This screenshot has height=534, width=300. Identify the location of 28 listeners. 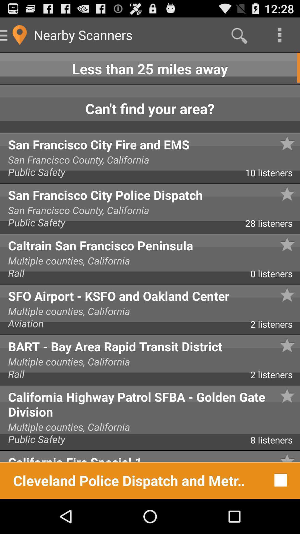
(272, 225).